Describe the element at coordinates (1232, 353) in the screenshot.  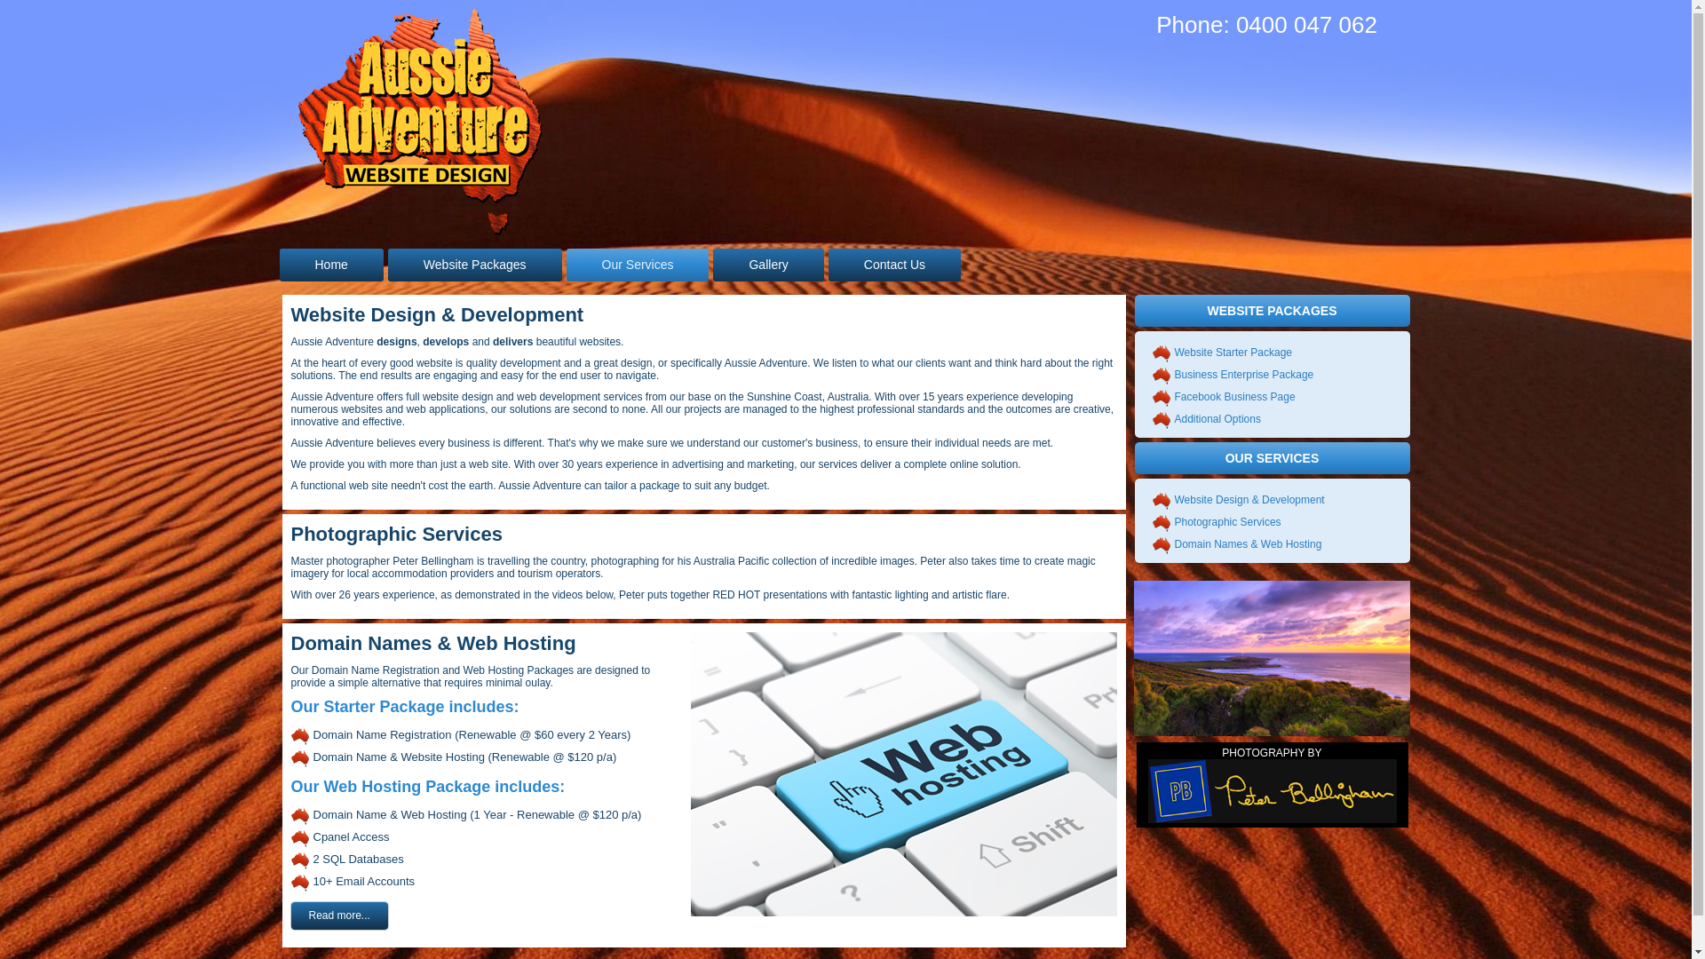
I see `'Website Starter Package'` at that location.